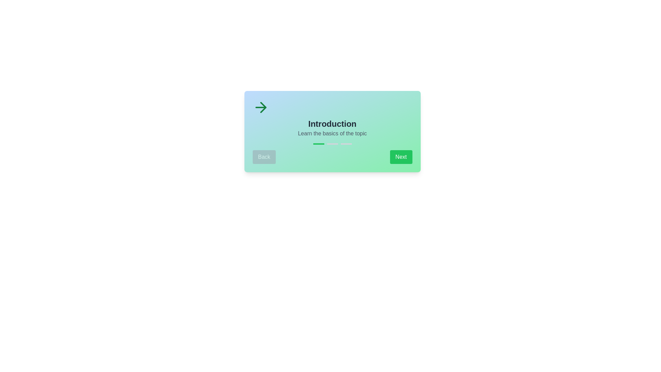 The height and width of the screenshot is (372, 661). I want to click on the 'Next' button to navigate to the next step, so click(401, 157).